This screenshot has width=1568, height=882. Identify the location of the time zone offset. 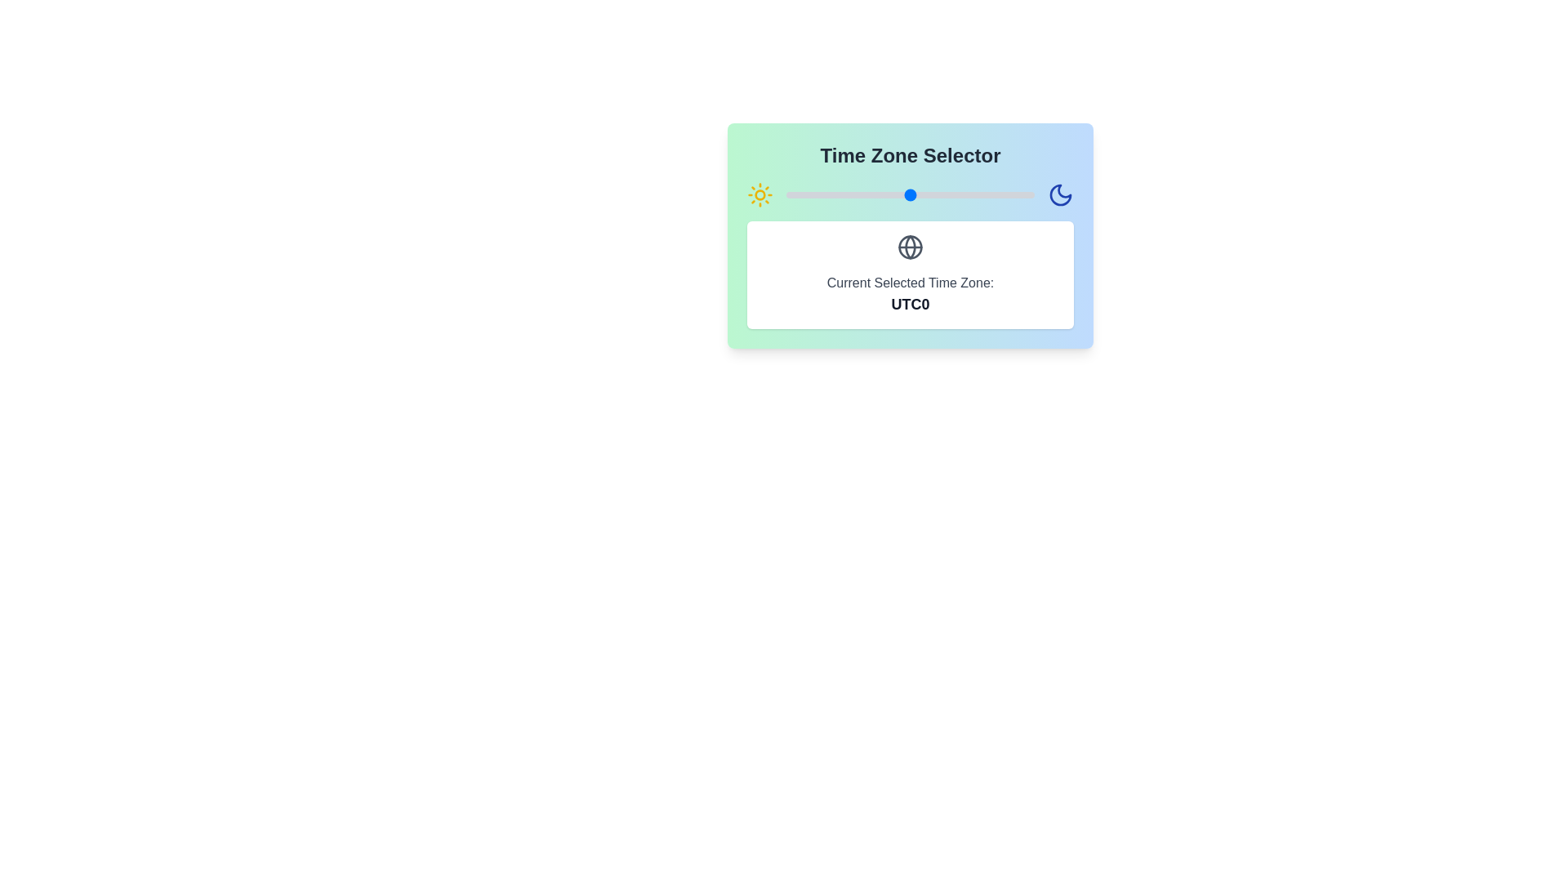
(951, 194).